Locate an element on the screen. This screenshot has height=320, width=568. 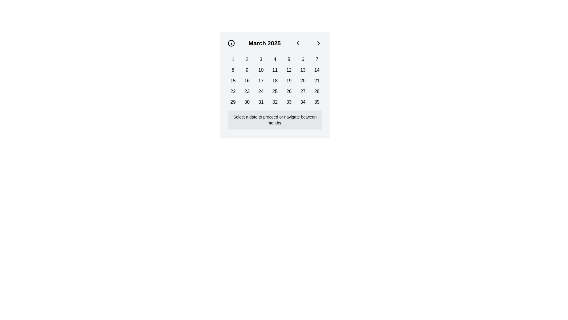
the button labeled '15' in the calendar grid is located at coordinates (233, 81).